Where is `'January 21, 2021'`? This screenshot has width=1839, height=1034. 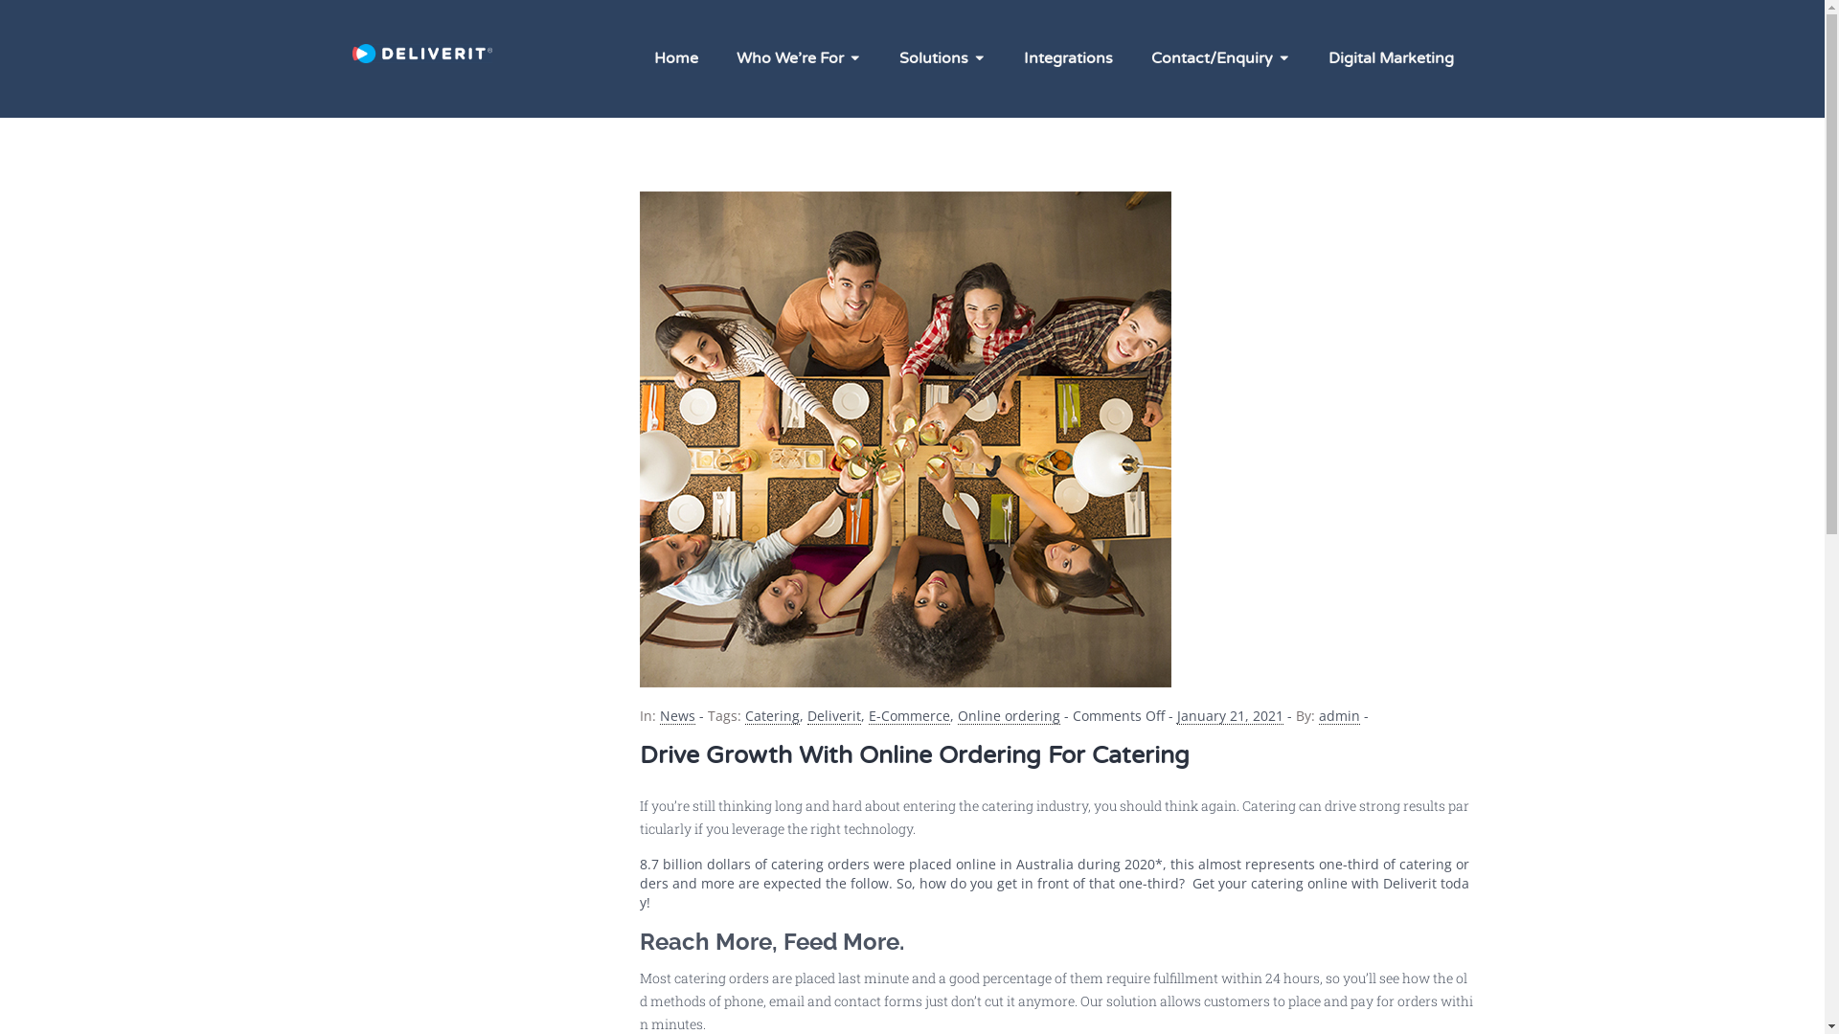 'January 21, 2021' is located at coordinates (1175, 716).